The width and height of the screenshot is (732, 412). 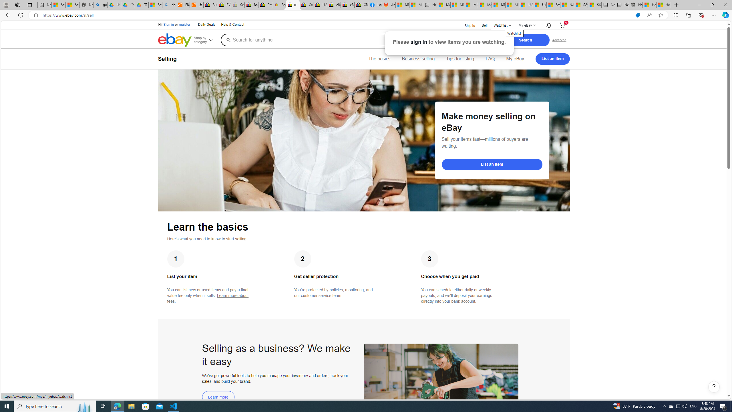 What do you see at coordinates (347, 5) in the screenshot?
I see `'eBay Inc. Reports Third Quarter 2023 Results'` at bounding box center [347, 5].